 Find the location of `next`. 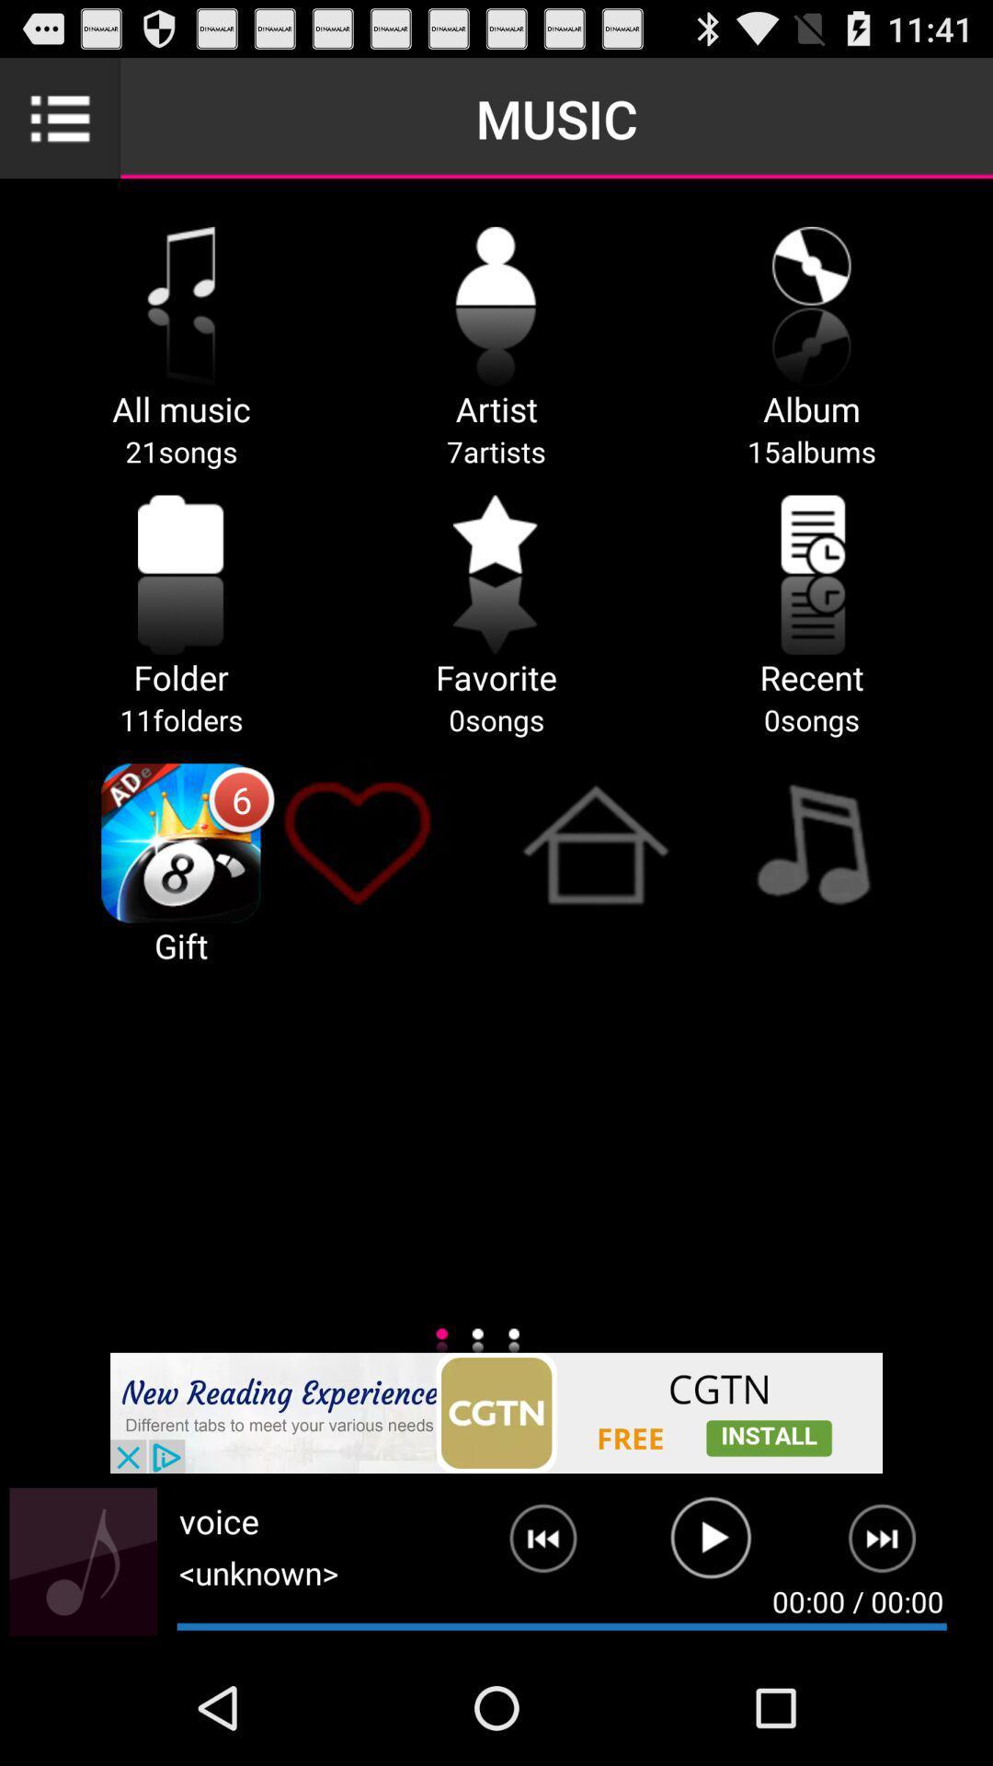

next is located at coordinates (529, 1545).